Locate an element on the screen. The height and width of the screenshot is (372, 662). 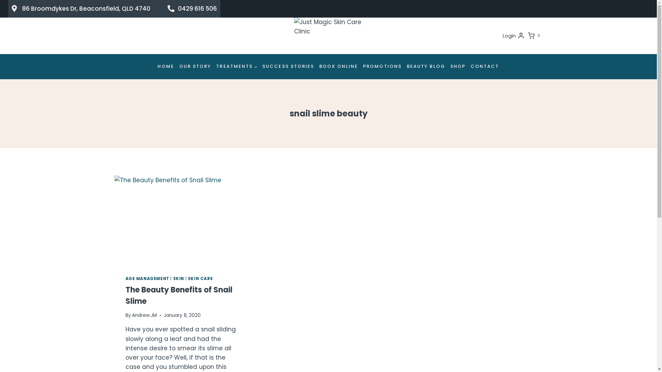
'PROMOTIONS' is located at coordinates (382, 66).